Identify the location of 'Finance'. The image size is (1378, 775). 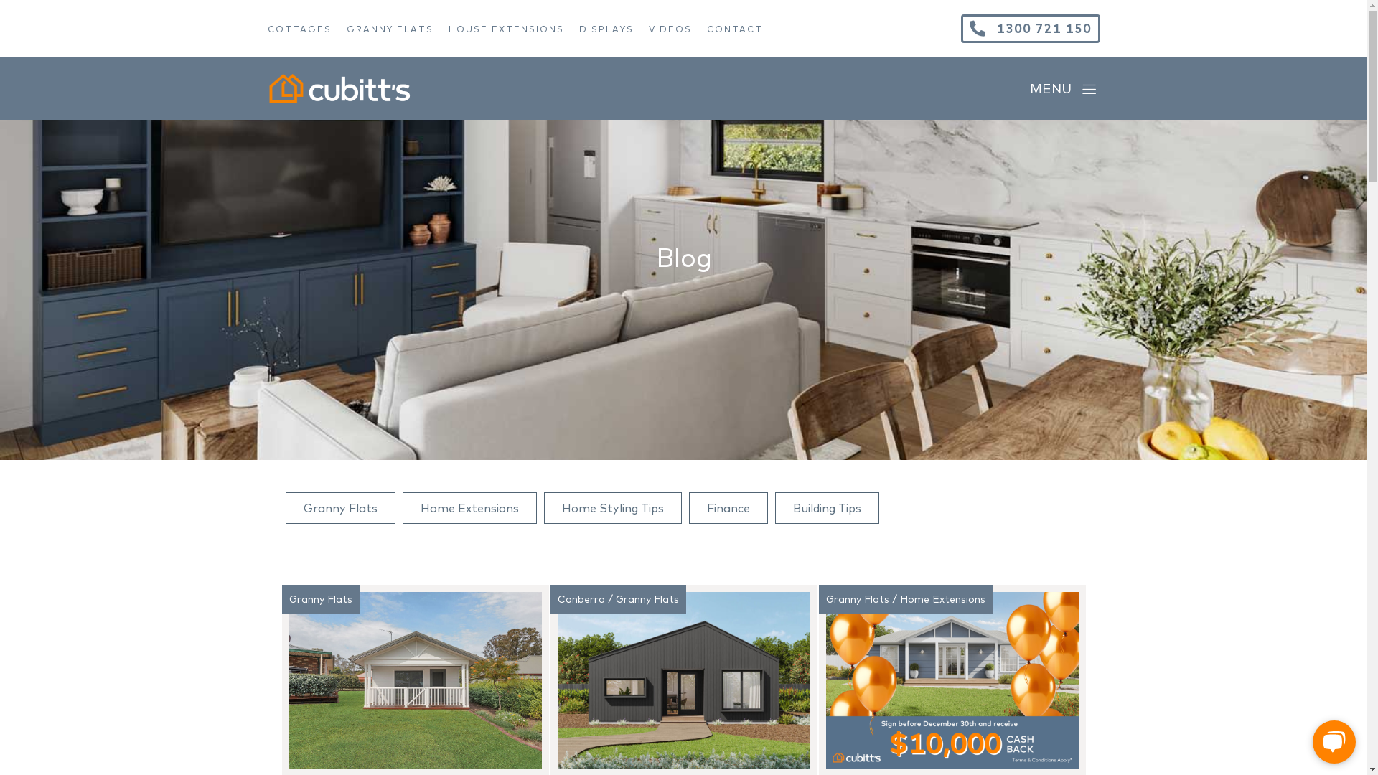
(728, 507).